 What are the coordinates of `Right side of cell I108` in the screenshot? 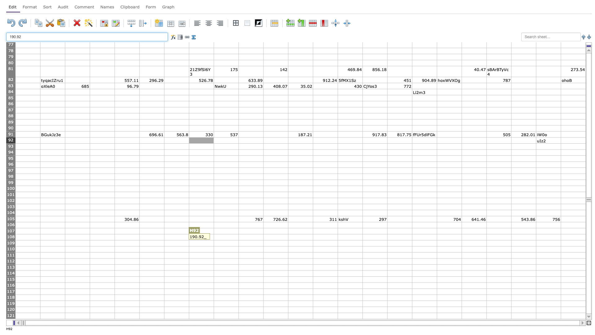 It's located at (238, 237).